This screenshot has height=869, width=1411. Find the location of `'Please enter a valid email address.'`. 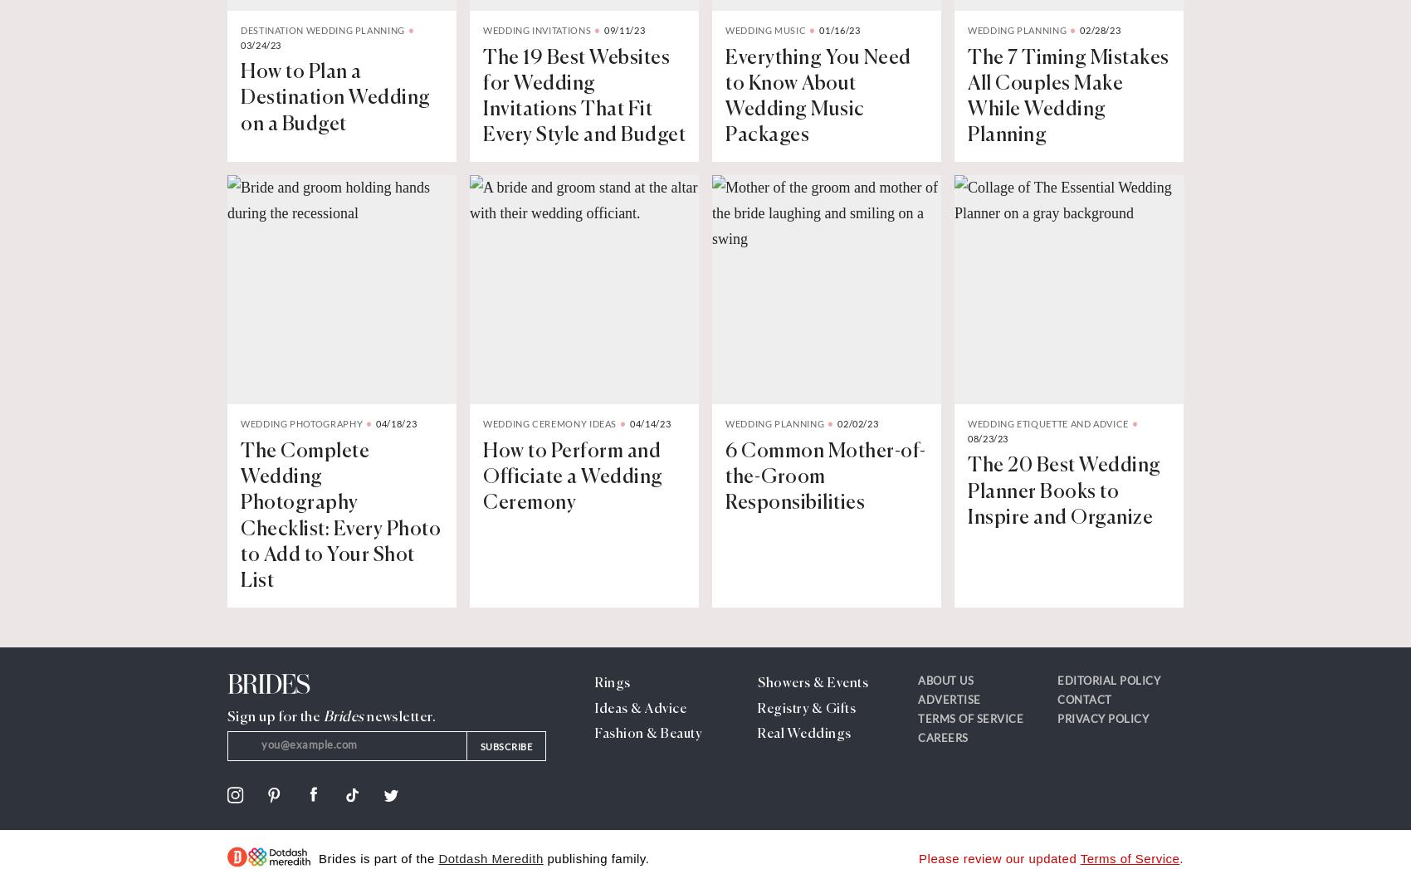

'Please enter a valid email address.' is located at coordinates (320, 774).